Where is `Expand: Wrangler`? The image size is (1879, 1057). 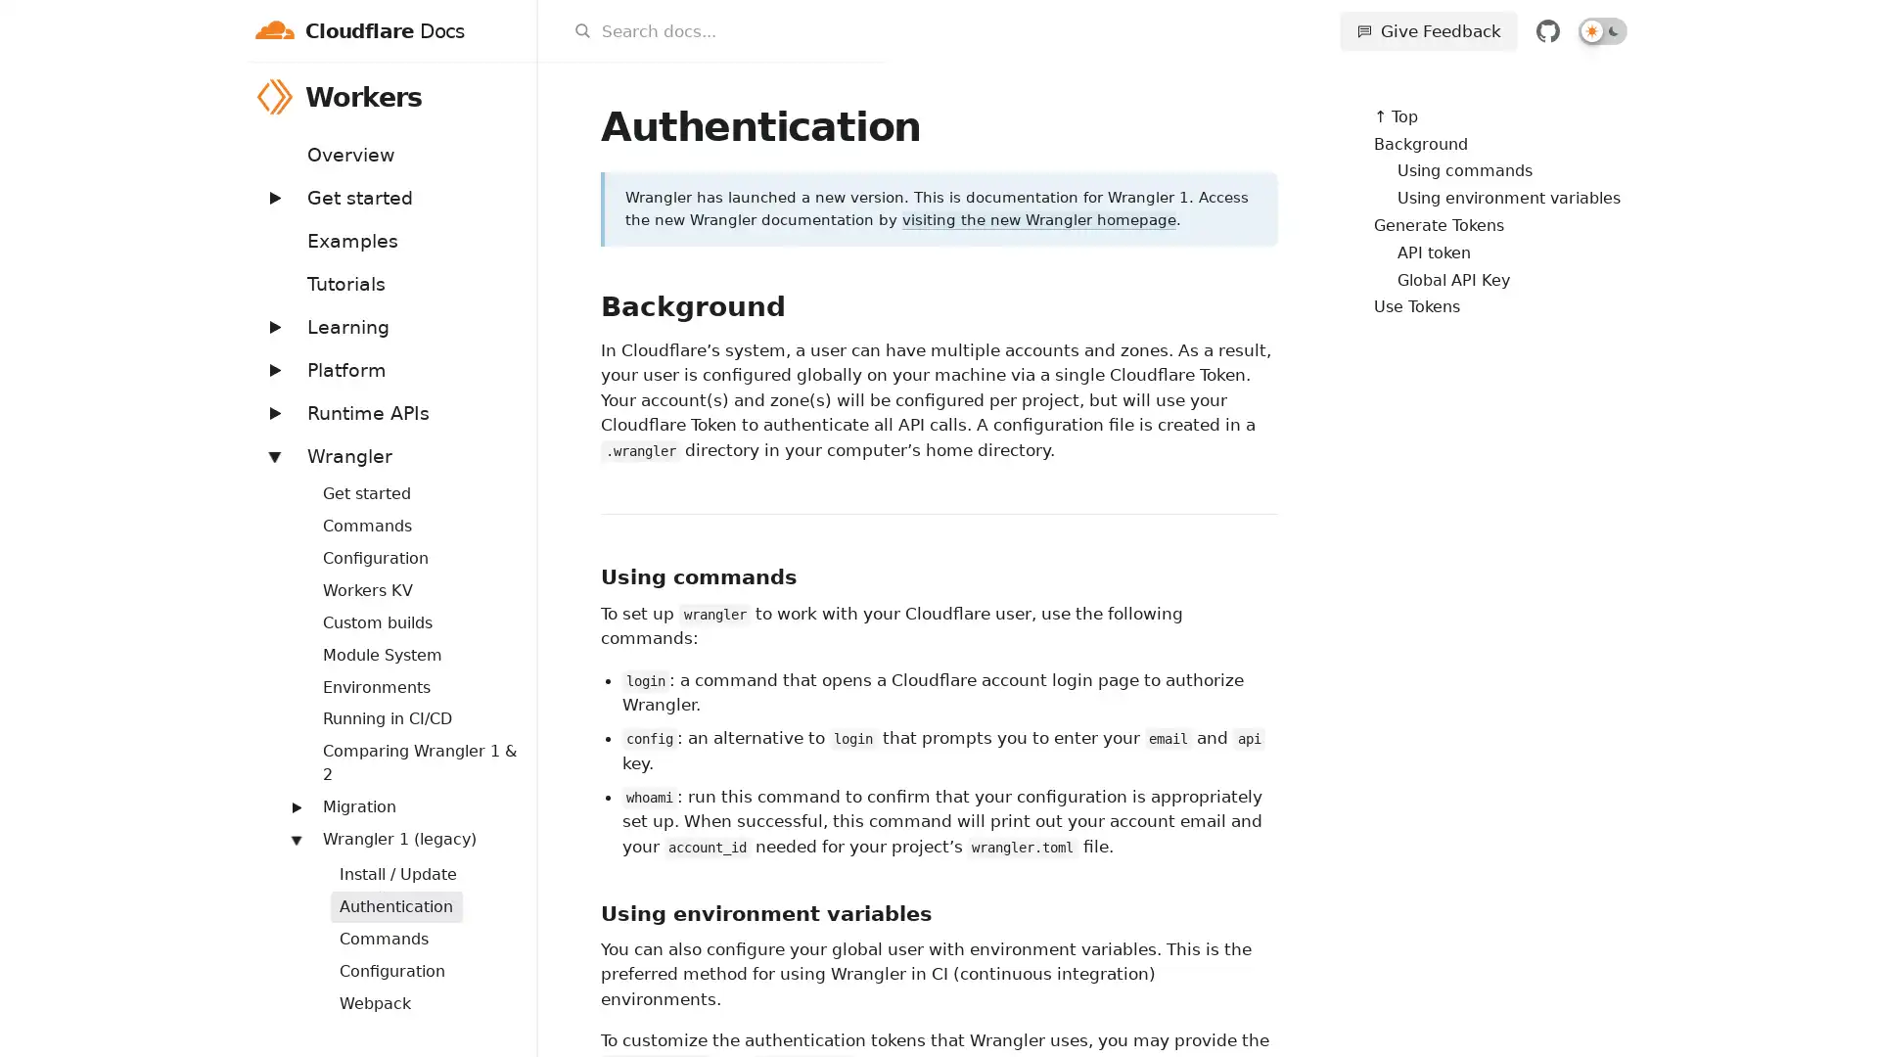
Expand: Wrangler is located at coordinates (272, 455).